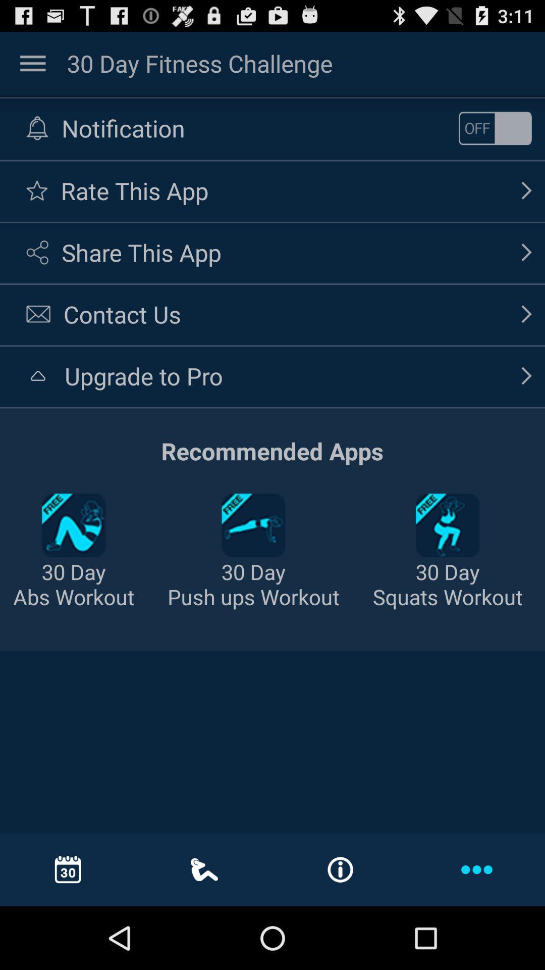 This screenshot has width=545, height=970. What do you see at coordinates (37, 128) in the screenshot?
I see `the bell image option to the left of the text notification` at bounding box center [37, 128].